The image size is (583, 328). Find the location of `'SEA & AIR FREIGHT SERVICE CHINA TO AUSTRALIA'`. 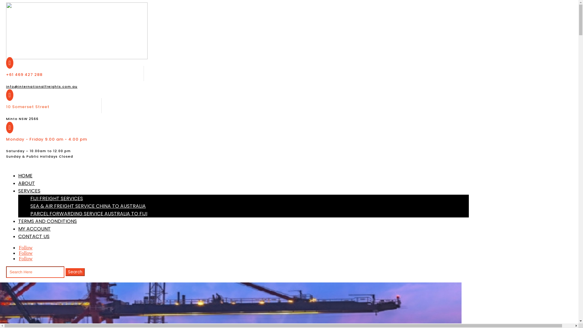

'SEA & AIR FREIGHT SERVICE CHINA TO AUSTRALIA' is located at coordinates (87, 206).